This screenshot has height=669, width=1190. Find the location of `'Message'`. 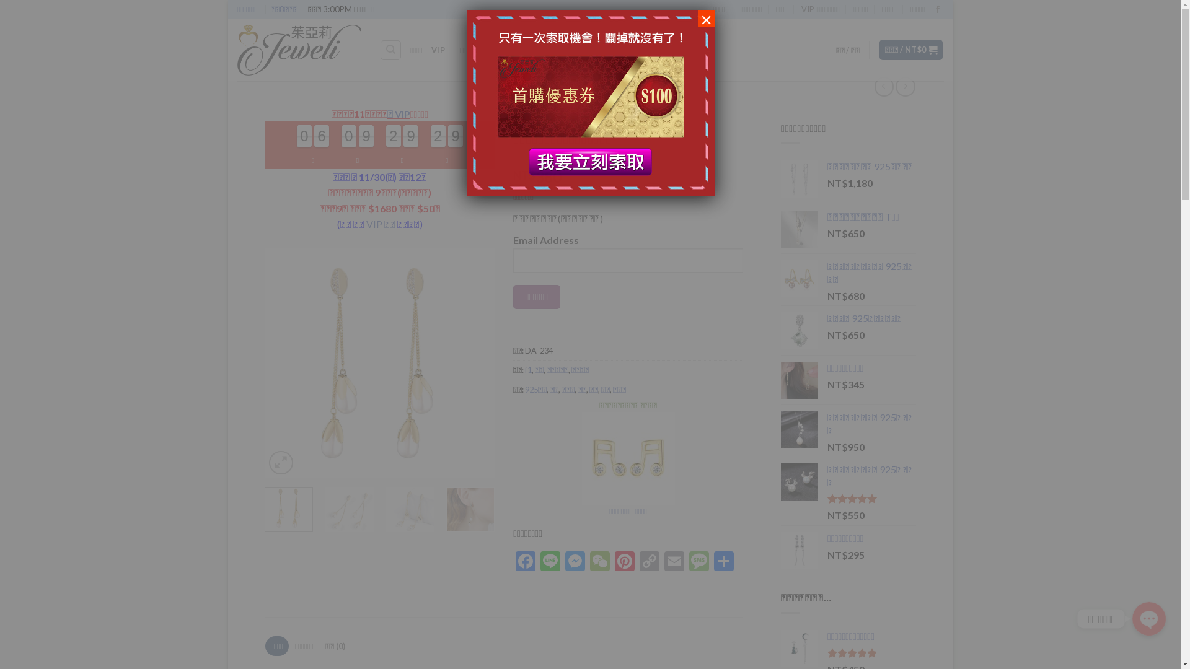

'Message' is located at coordinates (686, 562).